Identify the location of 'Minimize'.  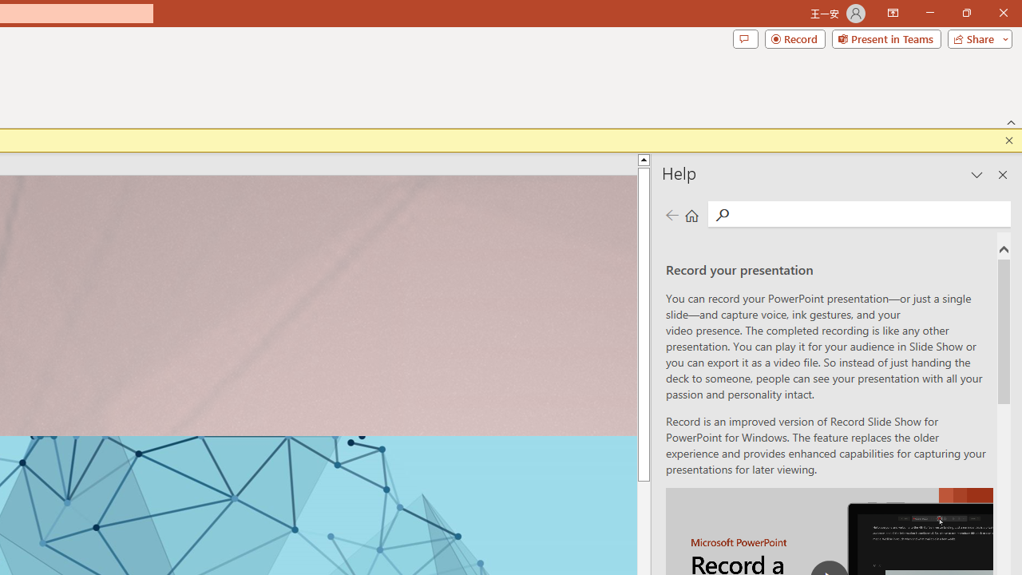
(929, 13).